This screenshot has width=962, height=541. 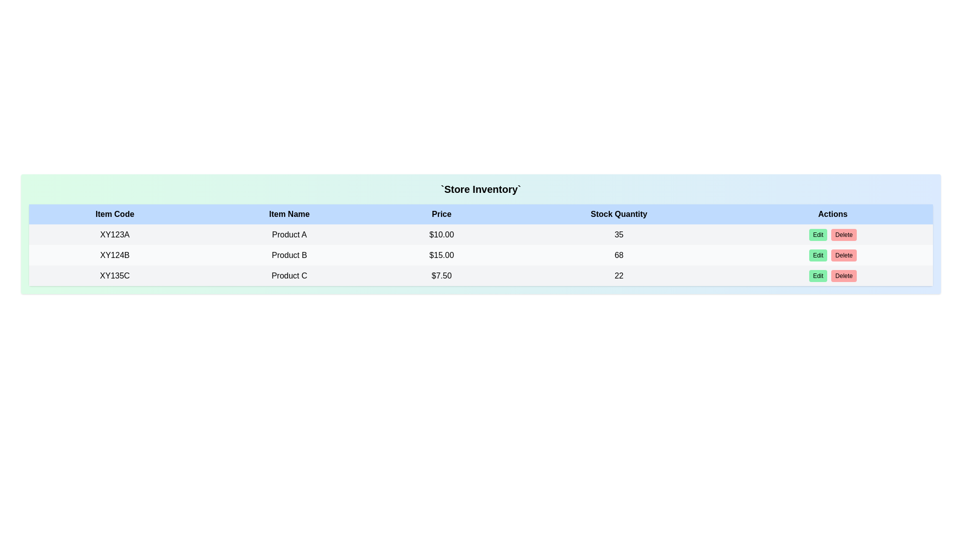 I want to click on the static text displaying the numerical value '68' under the 'Stock Quantity' column for 'Product B' in the table, so click(x=618, y=254).